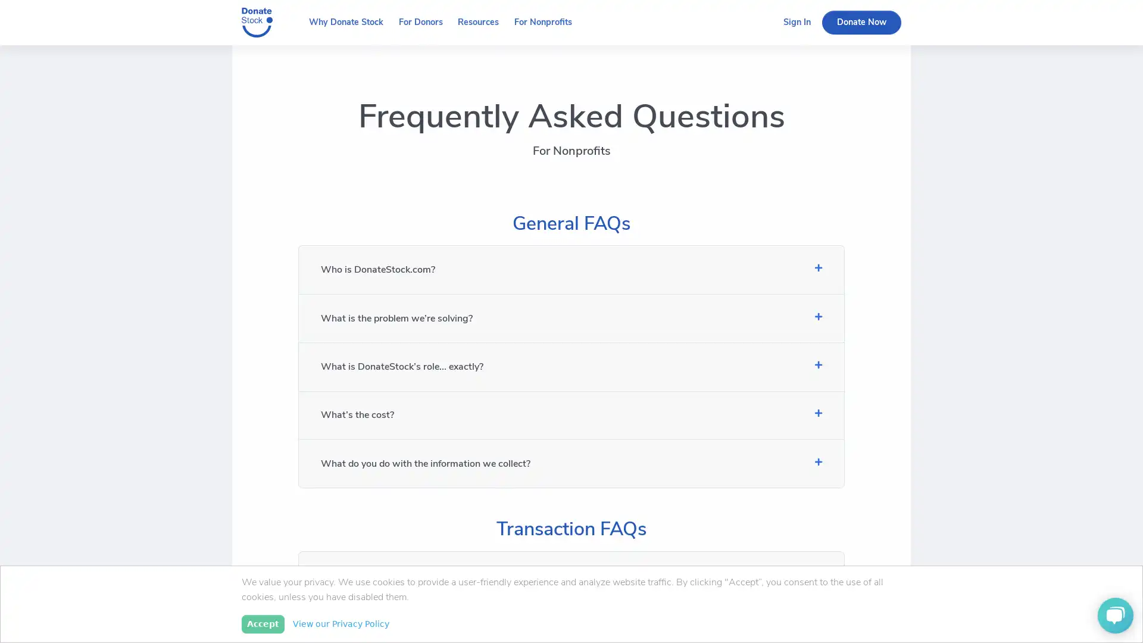 The height and width of the screenshot is (643, 1143). I want to click on What do you do with the information we collect?, so click(570, 463).